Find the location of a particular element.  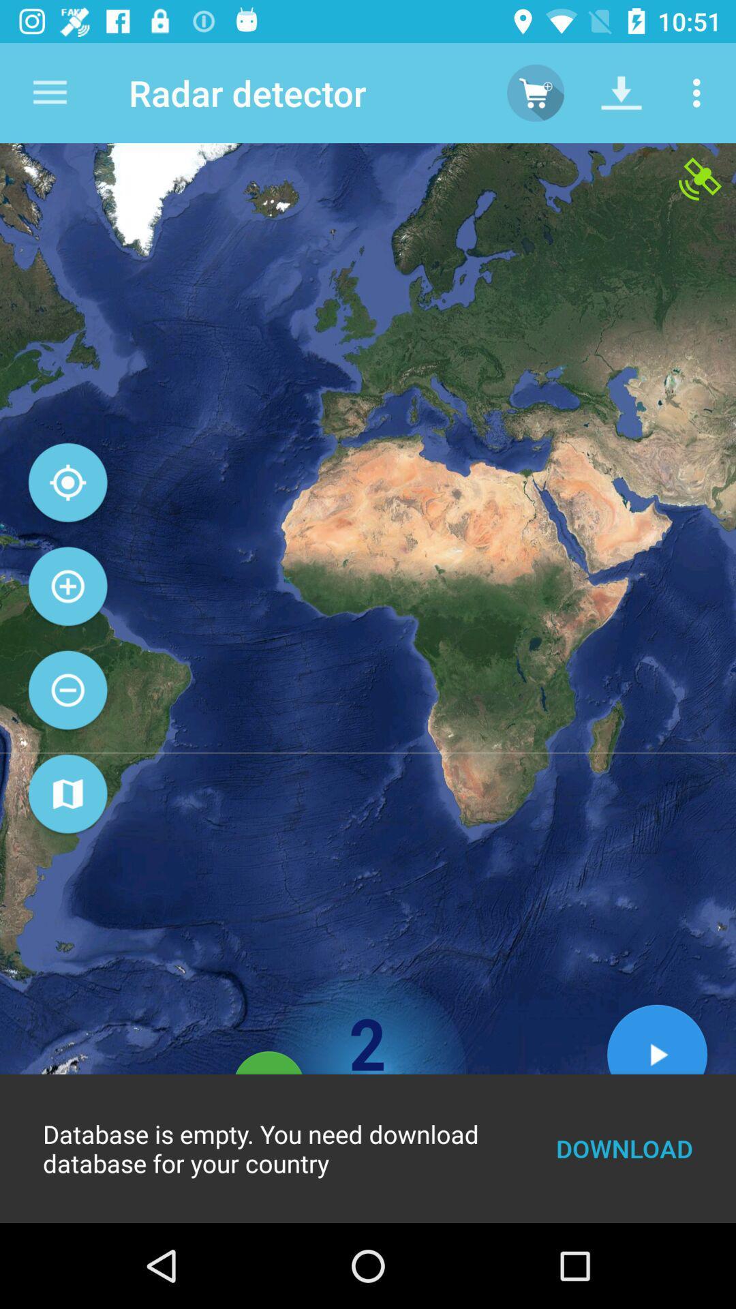

the add icon is located at coordinates (67, 586).